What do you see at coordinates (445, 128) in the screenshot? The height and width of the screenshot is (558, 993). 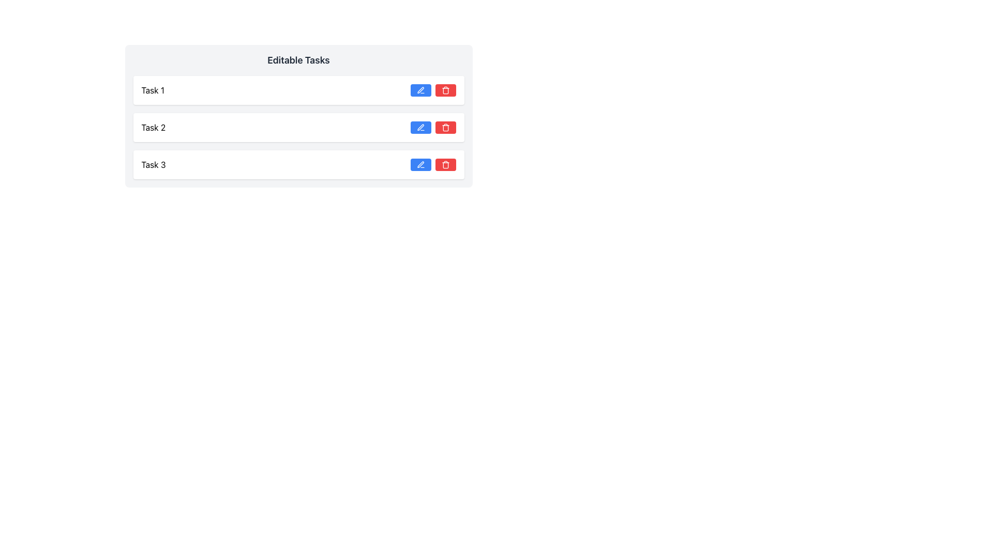 I see `the Trash Bin icon` at bounding box center [445, 128].